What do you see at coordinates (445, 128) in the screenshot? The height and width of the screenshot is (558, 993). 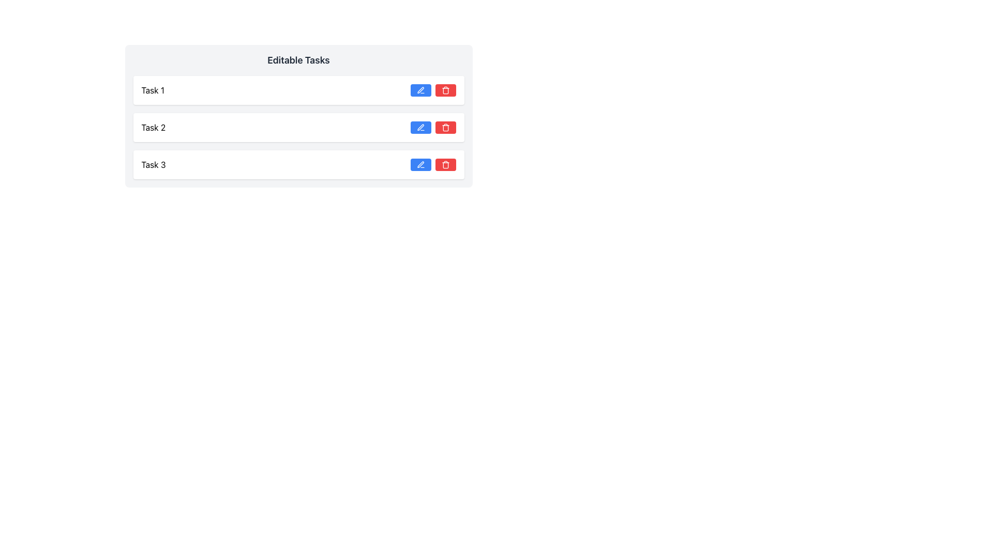 I see `the Trash Bin icon` at bounding box center [445, 128].